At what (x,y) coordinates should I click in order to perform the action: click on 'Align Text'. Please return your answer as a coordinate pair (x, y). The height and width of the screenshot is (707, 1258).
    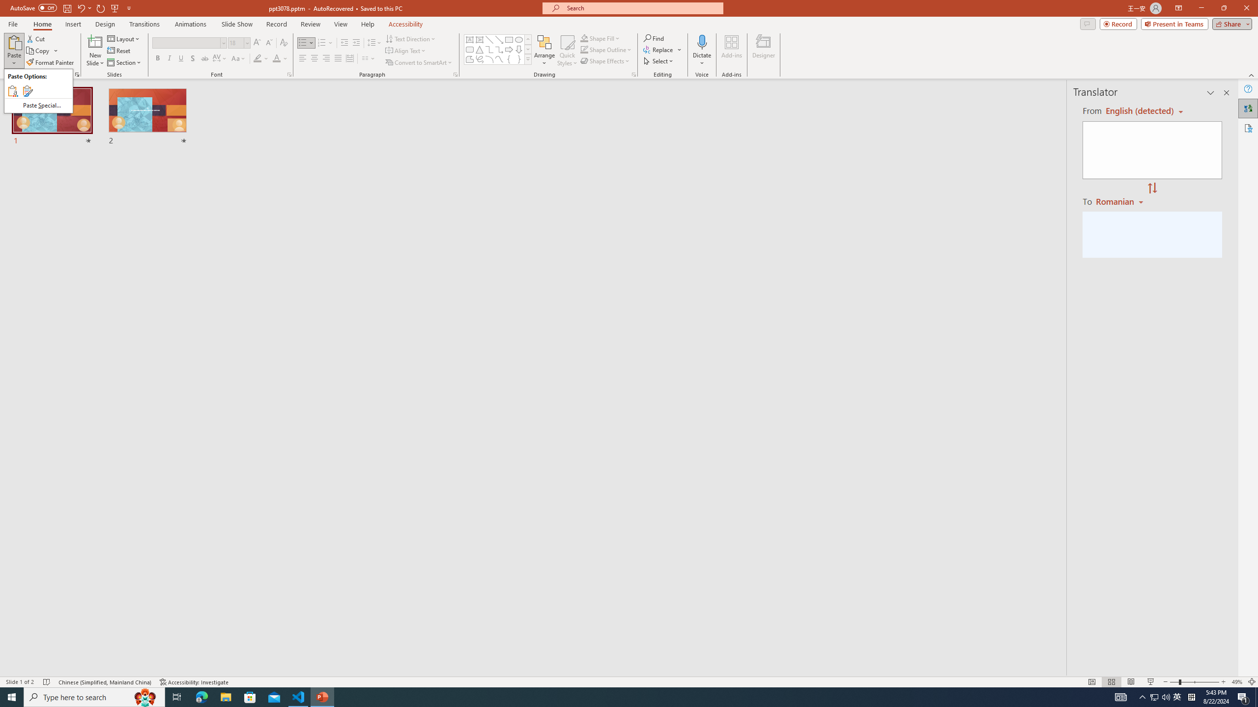
    Looking at the image, I should click on (406, 51).